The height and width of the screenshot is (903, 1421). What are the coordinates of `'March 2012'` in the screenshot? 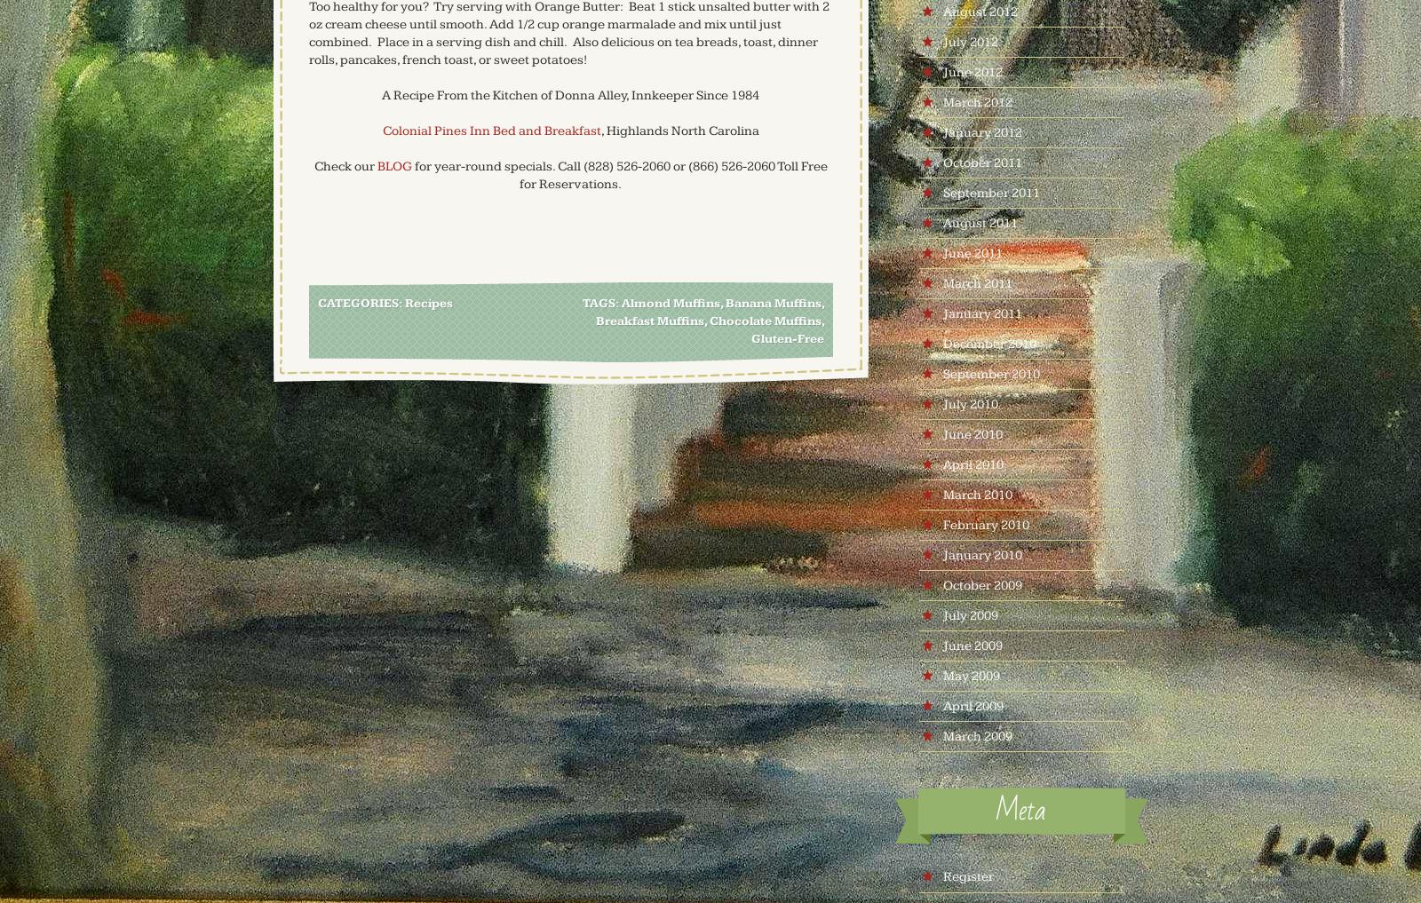 It's located at (941, 101).